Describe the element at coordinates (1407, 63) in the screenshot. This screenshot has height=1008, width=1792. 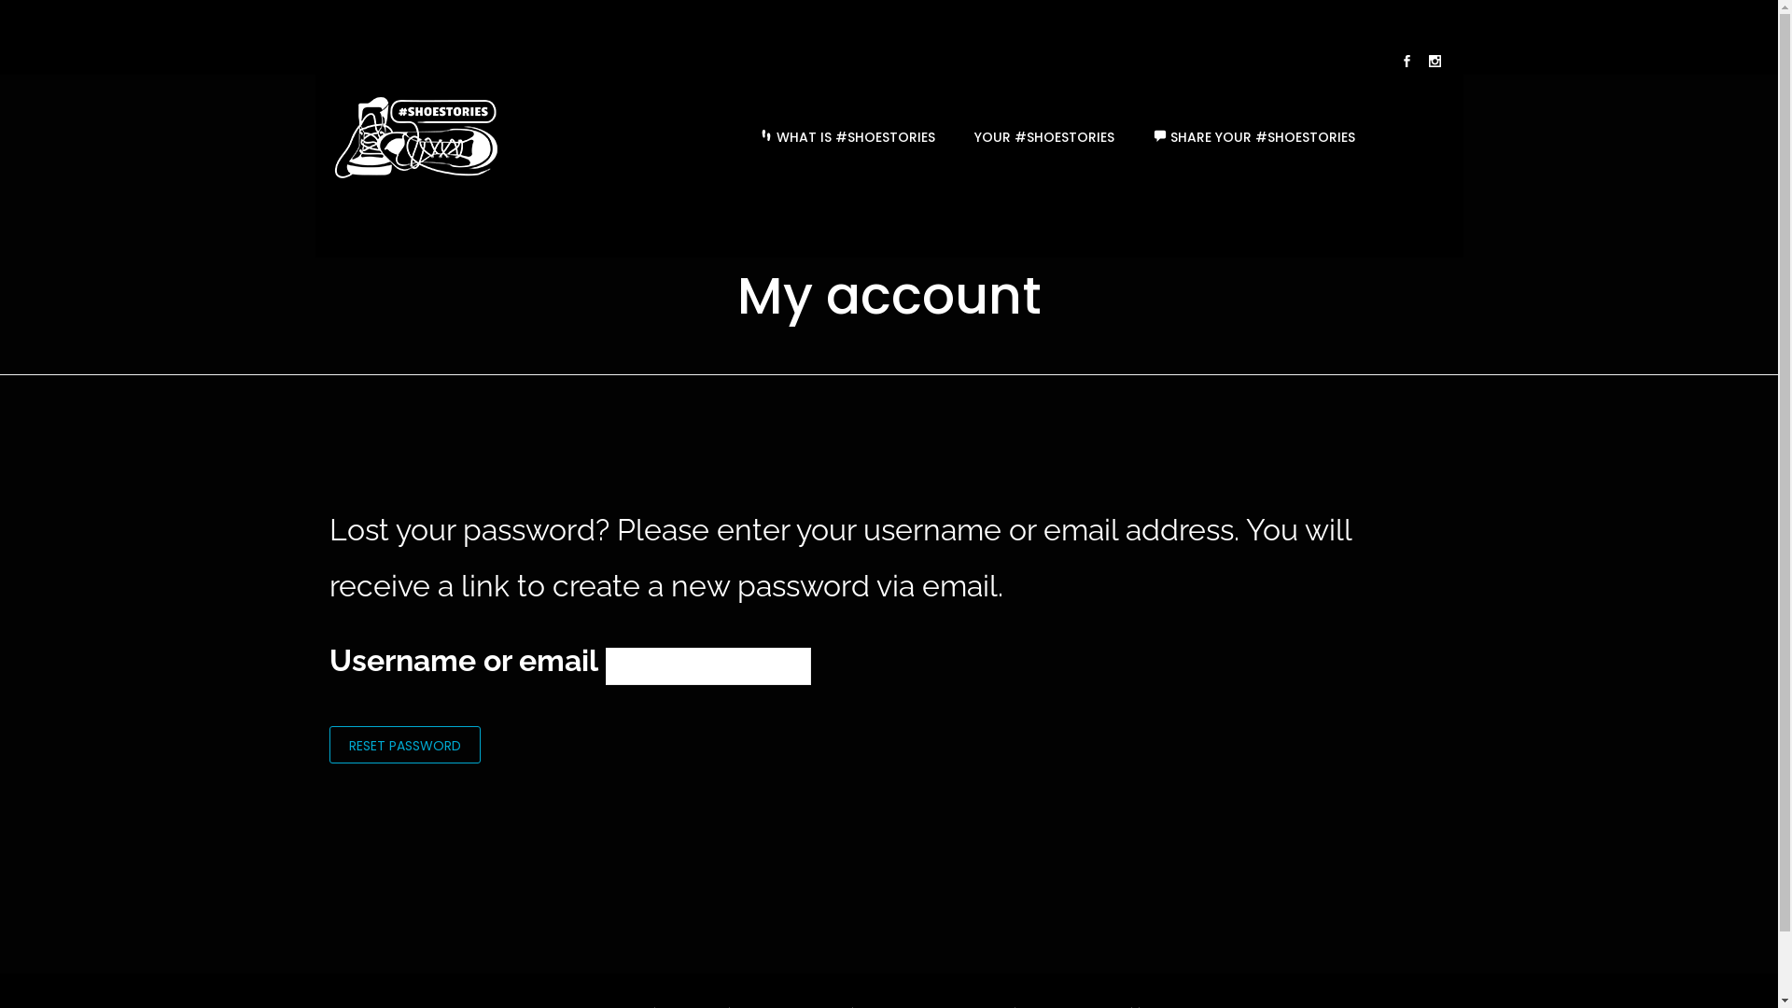
I see `'Facebook'` at that location.